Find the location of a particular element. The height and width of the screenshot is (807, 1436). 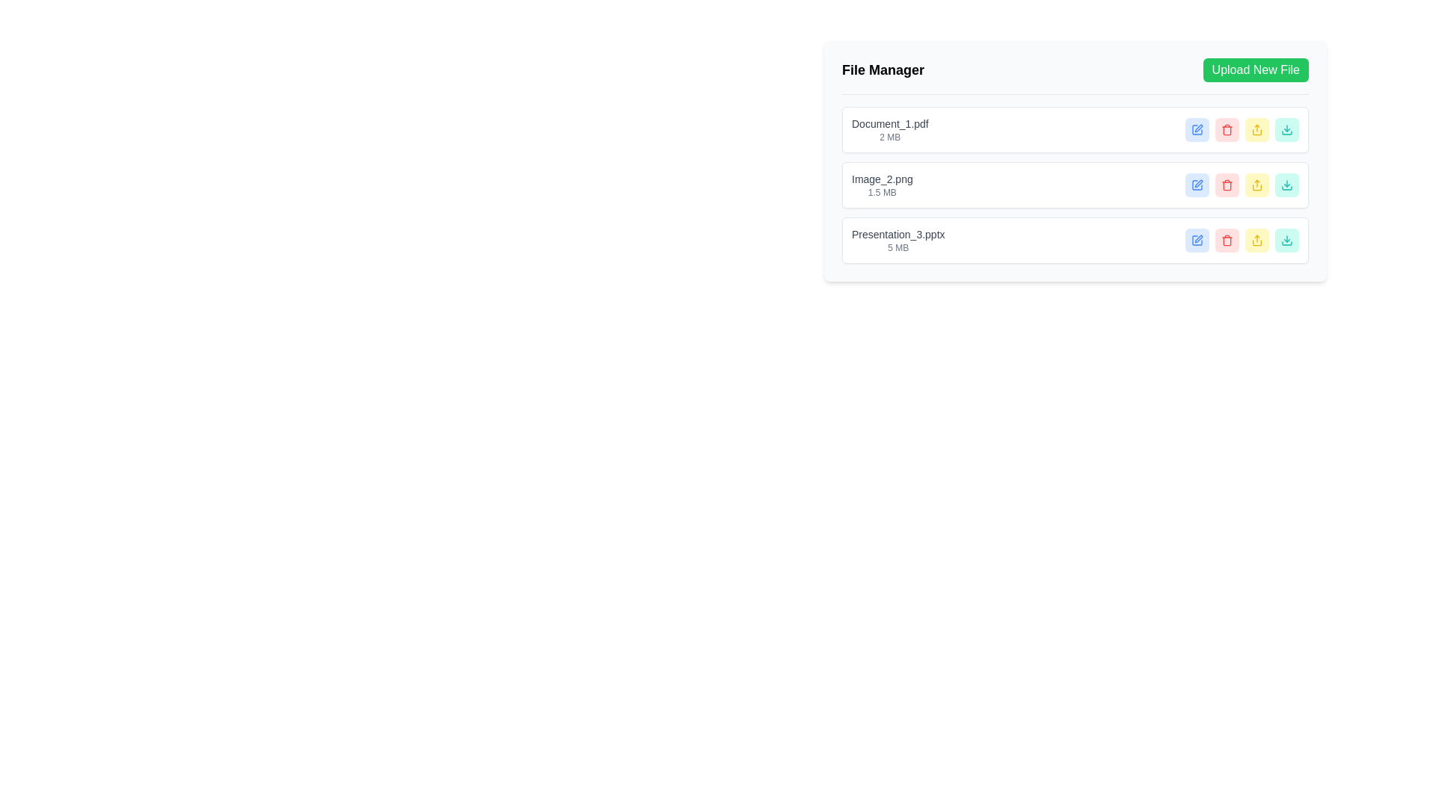

the trash icon button, which is styled with a red color and represents a delete action is located at coordinates (1227, 184).